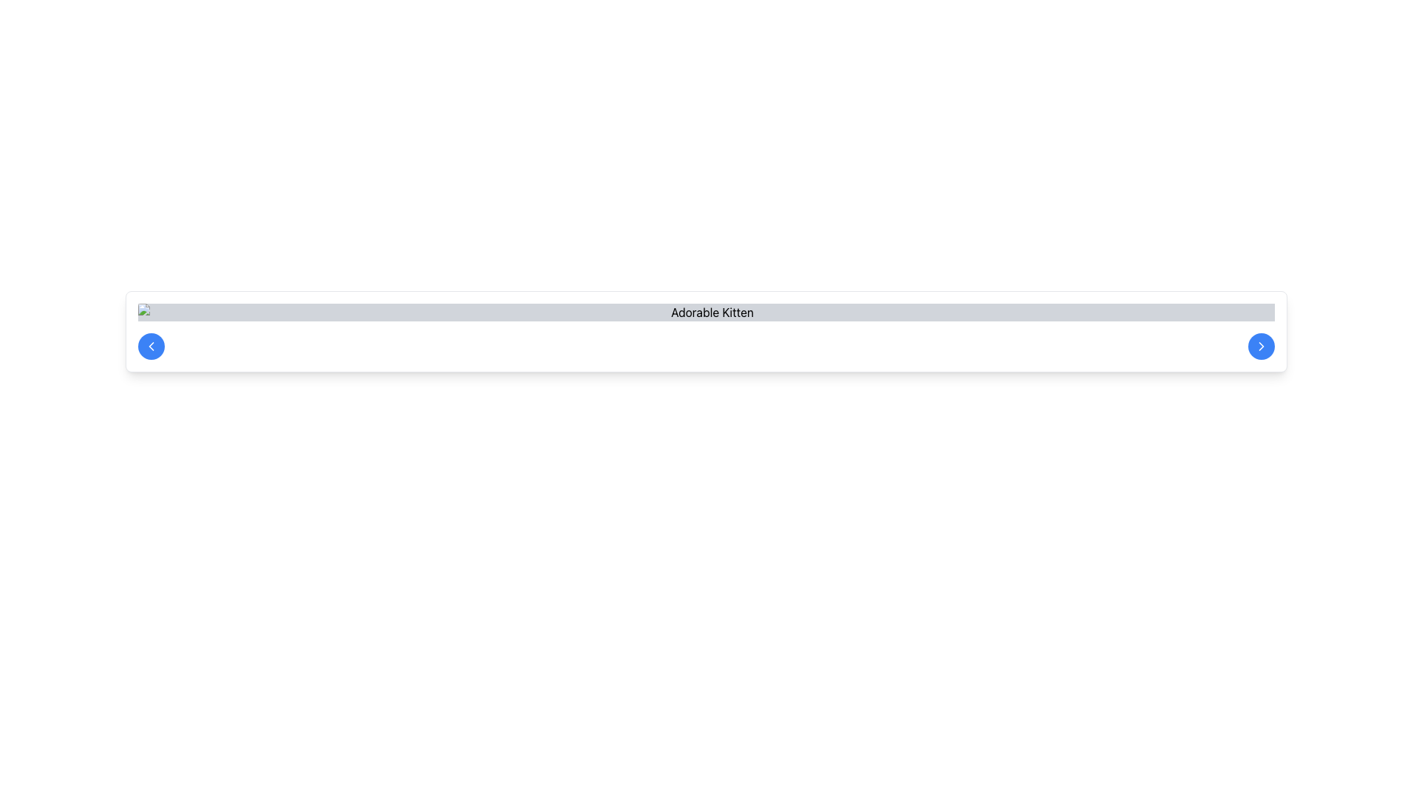 The height and width of the screenshot is (798, 1419). I want to click on the rightward-pointing chevron icon located near the 'Adorable Kitten' text in the interface, so click(1261, 347).